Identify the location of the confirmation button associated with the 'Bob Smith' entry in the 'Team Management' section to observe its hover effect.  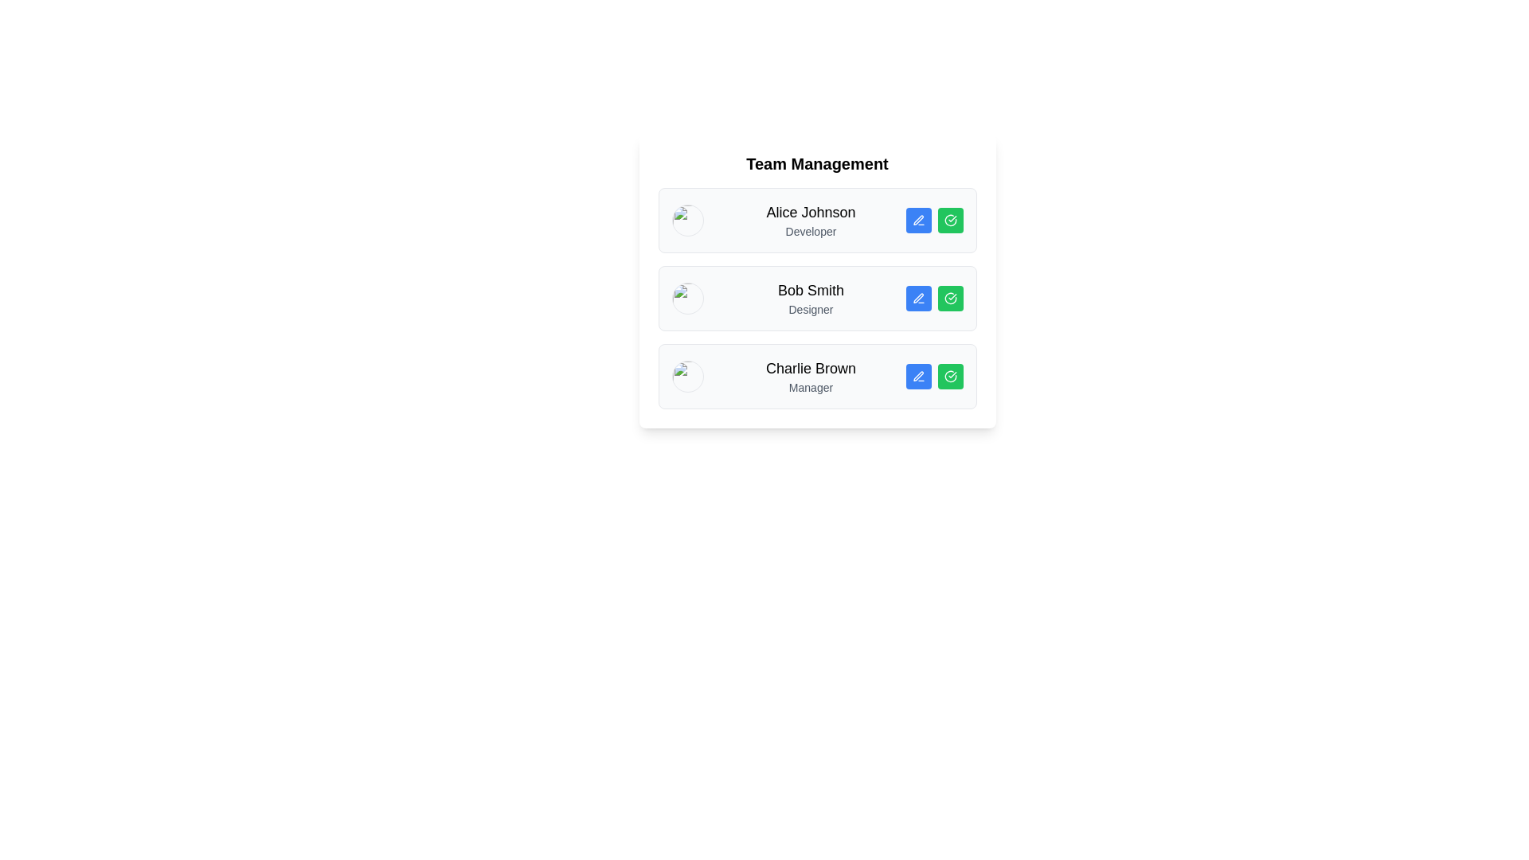
(950, 298).